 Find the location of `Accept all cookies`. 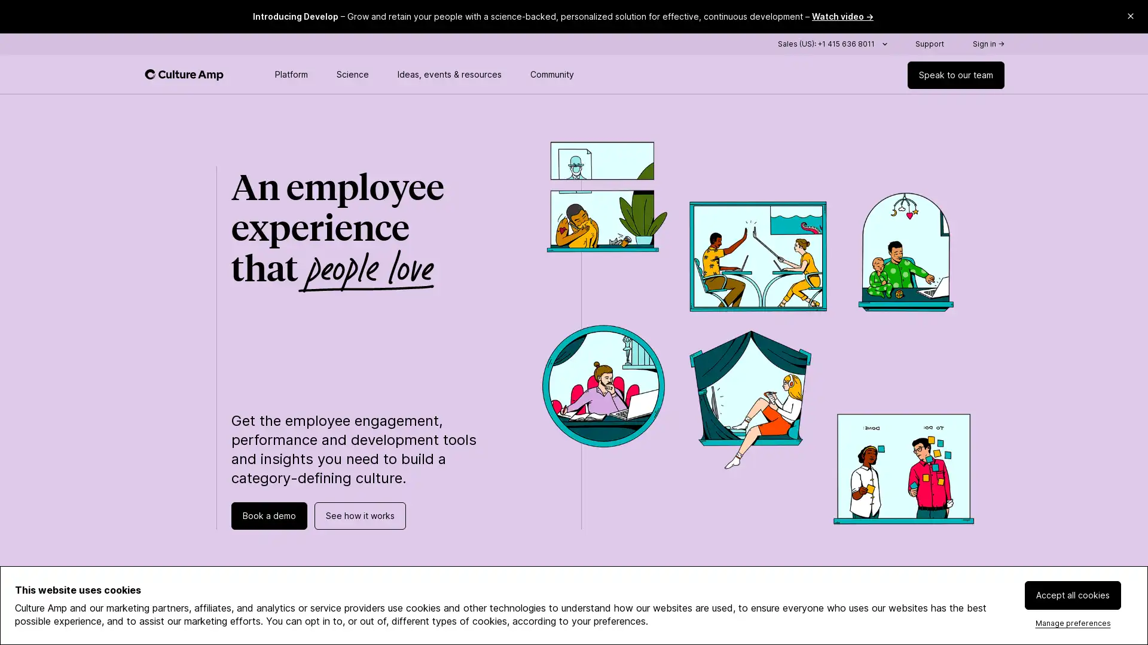

Accept all cookies is located at coordinates (1073, 595).